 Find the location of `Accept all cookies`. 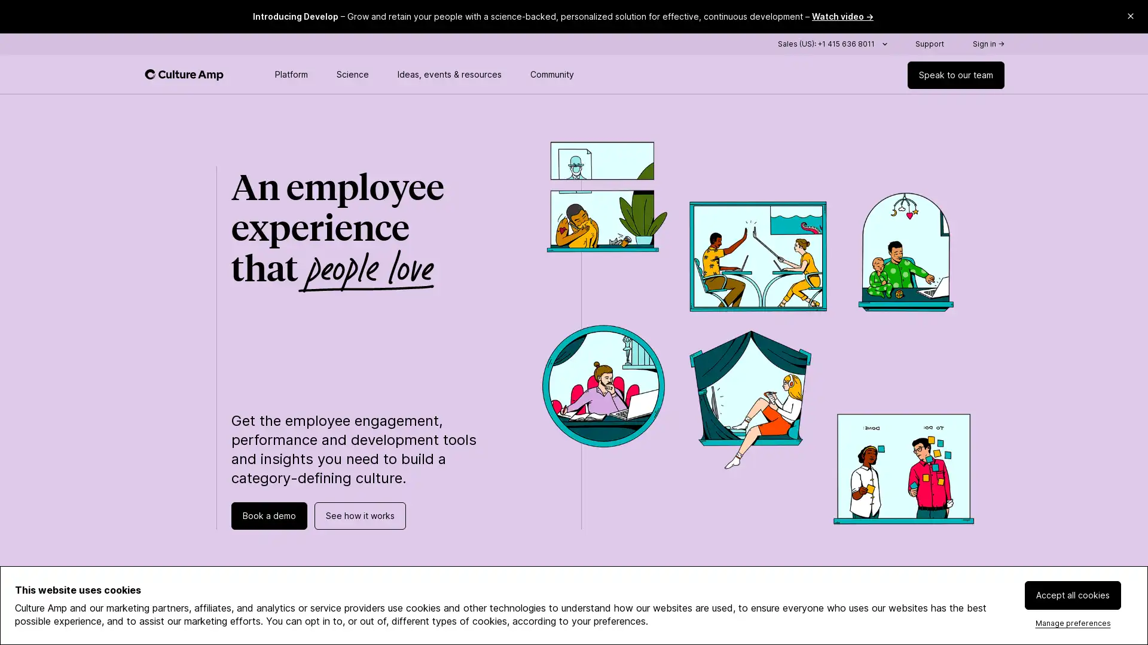

Accept all cookies is located at coordinates (1073, 595).